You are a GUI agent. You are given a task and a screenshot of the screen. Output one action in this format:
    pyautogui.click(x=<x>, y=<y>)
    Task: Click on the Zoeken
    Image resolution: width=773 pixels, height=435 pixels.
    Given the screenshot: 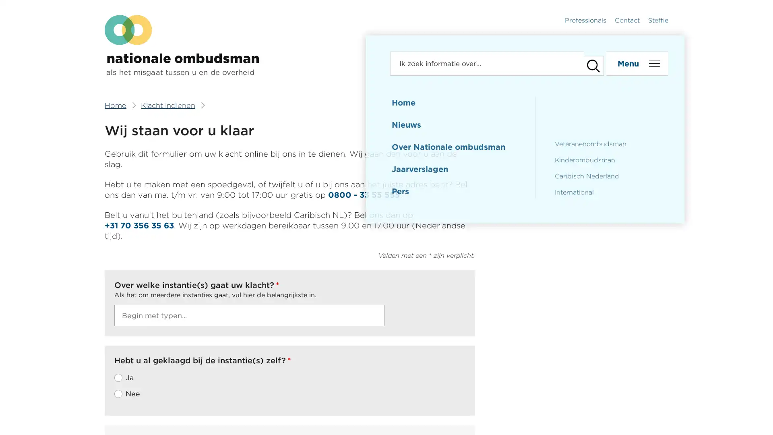 What is the action you would take?
    pyautogui.click(x=589, y=63)
    